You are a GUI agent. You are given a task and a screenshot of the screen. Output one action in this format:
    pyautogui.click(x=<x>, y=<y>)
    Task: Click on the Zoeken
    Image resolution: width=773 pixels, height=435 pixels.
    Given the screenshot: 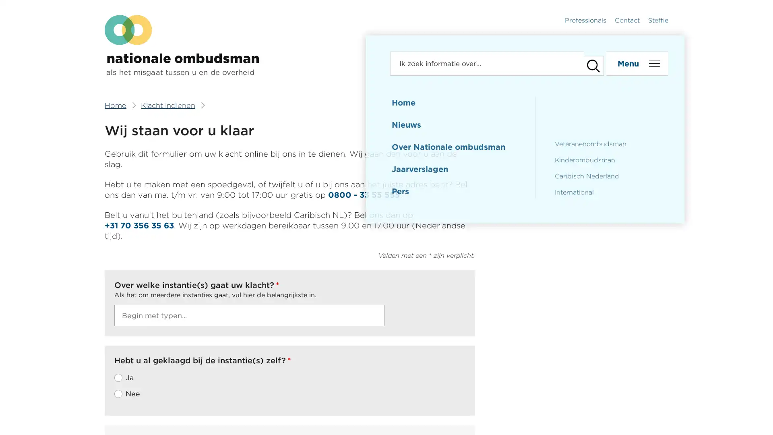 What is the action you would take?
    pyautogui.click(x=589, y=63)
    